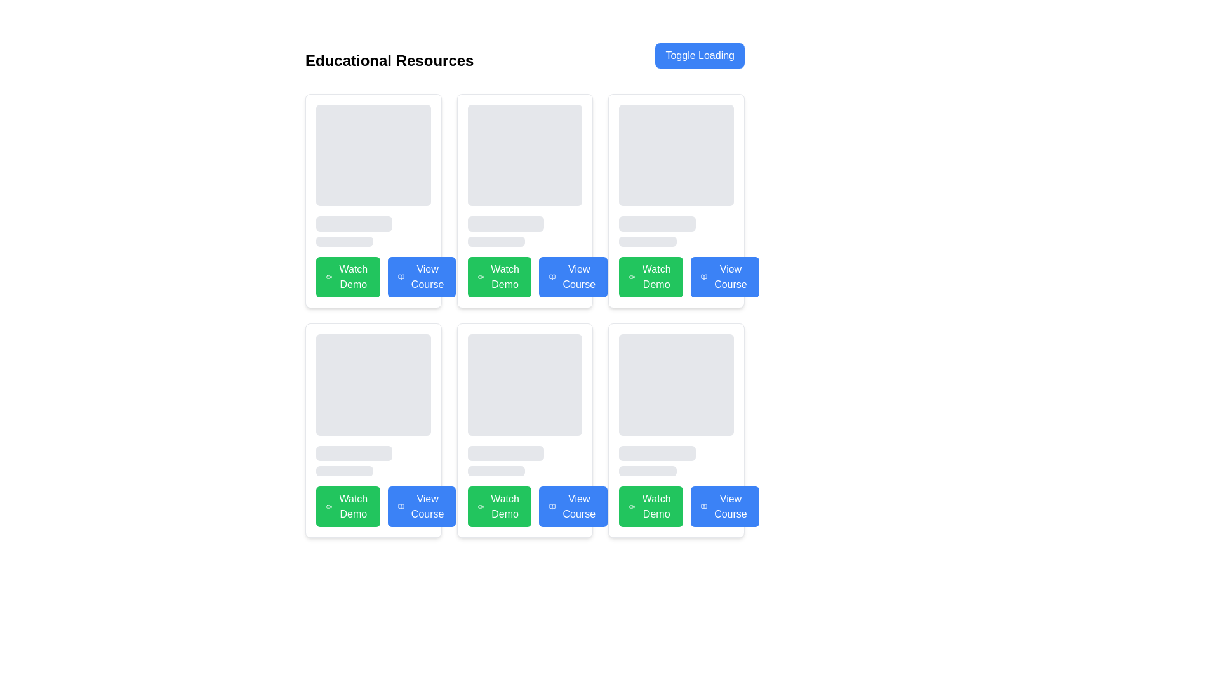 This screenshot has height=685, width=1219. What do you see at coordinates (348, 506) in the screenshot?
I see `the rectangular green button labeled 'Watch Demo' located in the bottom-left corner of the second card in the bottom row of the grid layout, to navigate via keyboard` at bounding box center [348, 506].